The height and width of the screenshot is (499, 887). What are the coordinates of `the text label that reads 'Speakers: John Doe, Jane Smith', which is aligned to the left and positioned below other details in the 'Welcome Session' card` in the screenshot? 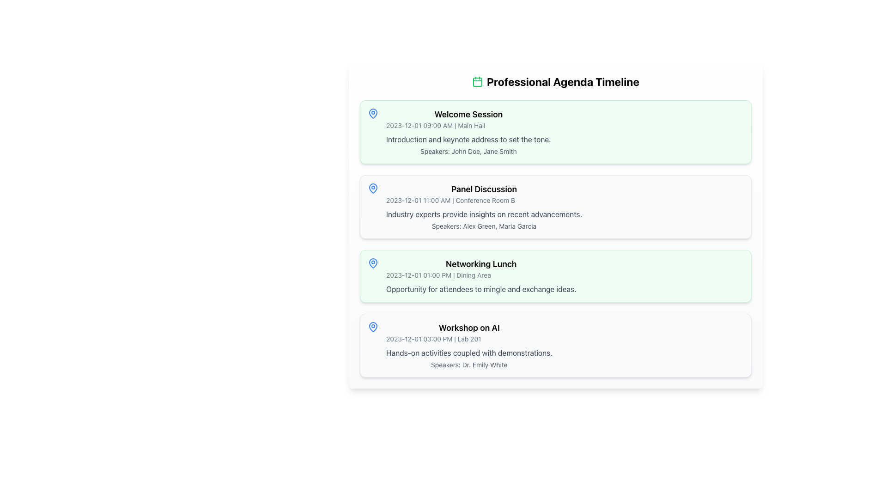 It's located at (468, 151).